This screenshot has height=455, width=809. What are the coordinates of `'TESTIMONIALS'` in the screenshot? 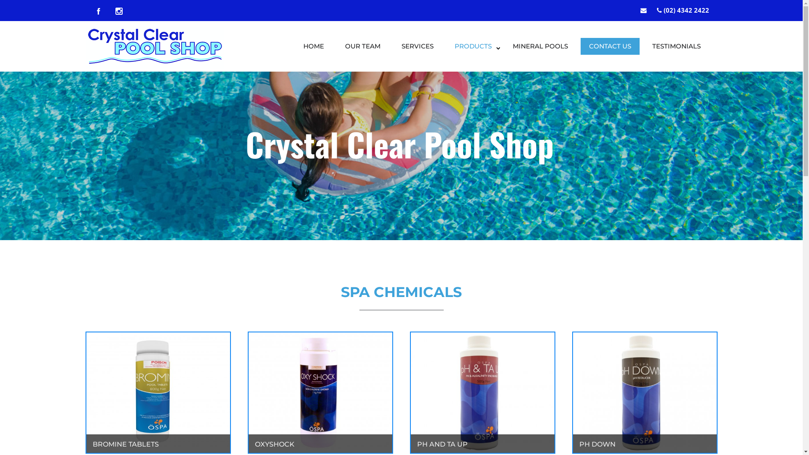 It's located at (676, 48).